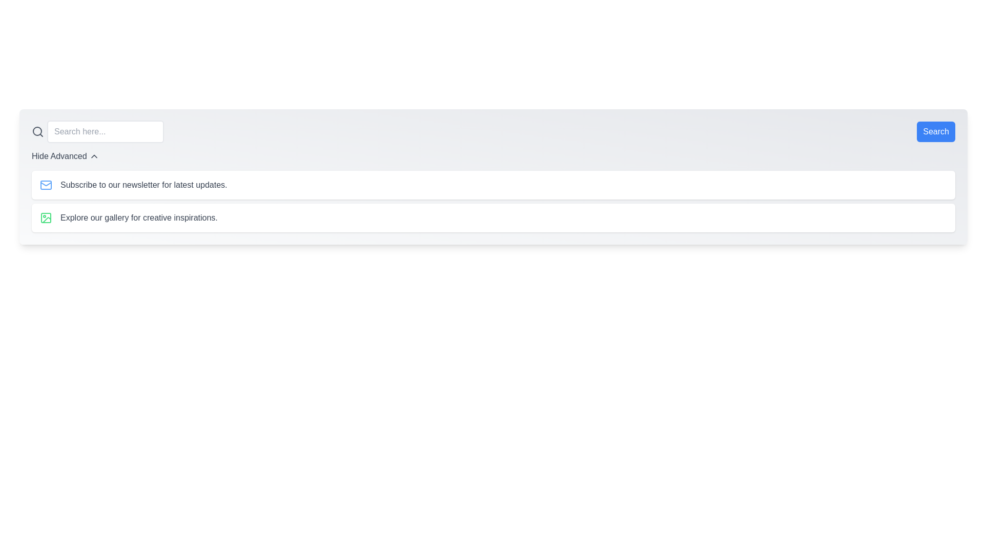 The width and height of the screenshot is (984, 554). Describe the element at coordinates (46, 183) in the screenshot. I see `the visual representation of the triangular shape that represents the fold of the email icon, located near the center of the SVG graphic` at that location.